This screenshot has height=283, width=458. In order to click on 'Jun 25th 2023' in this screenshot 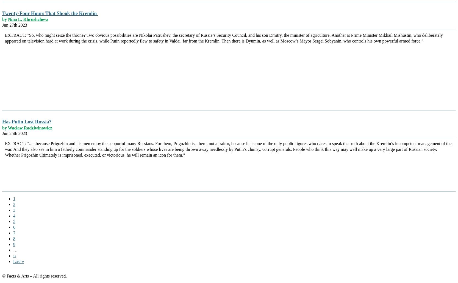, I will do `click(15, 133)`.